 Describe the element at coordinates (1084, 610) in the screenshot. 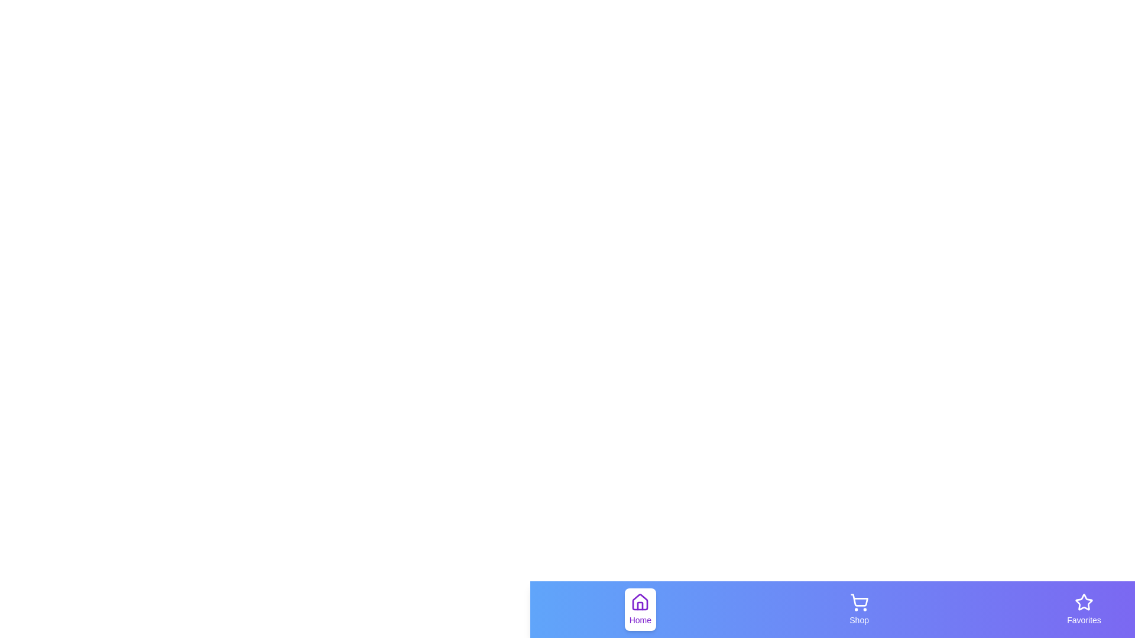

I see `the tab labeled Favorites to select it` at that location.